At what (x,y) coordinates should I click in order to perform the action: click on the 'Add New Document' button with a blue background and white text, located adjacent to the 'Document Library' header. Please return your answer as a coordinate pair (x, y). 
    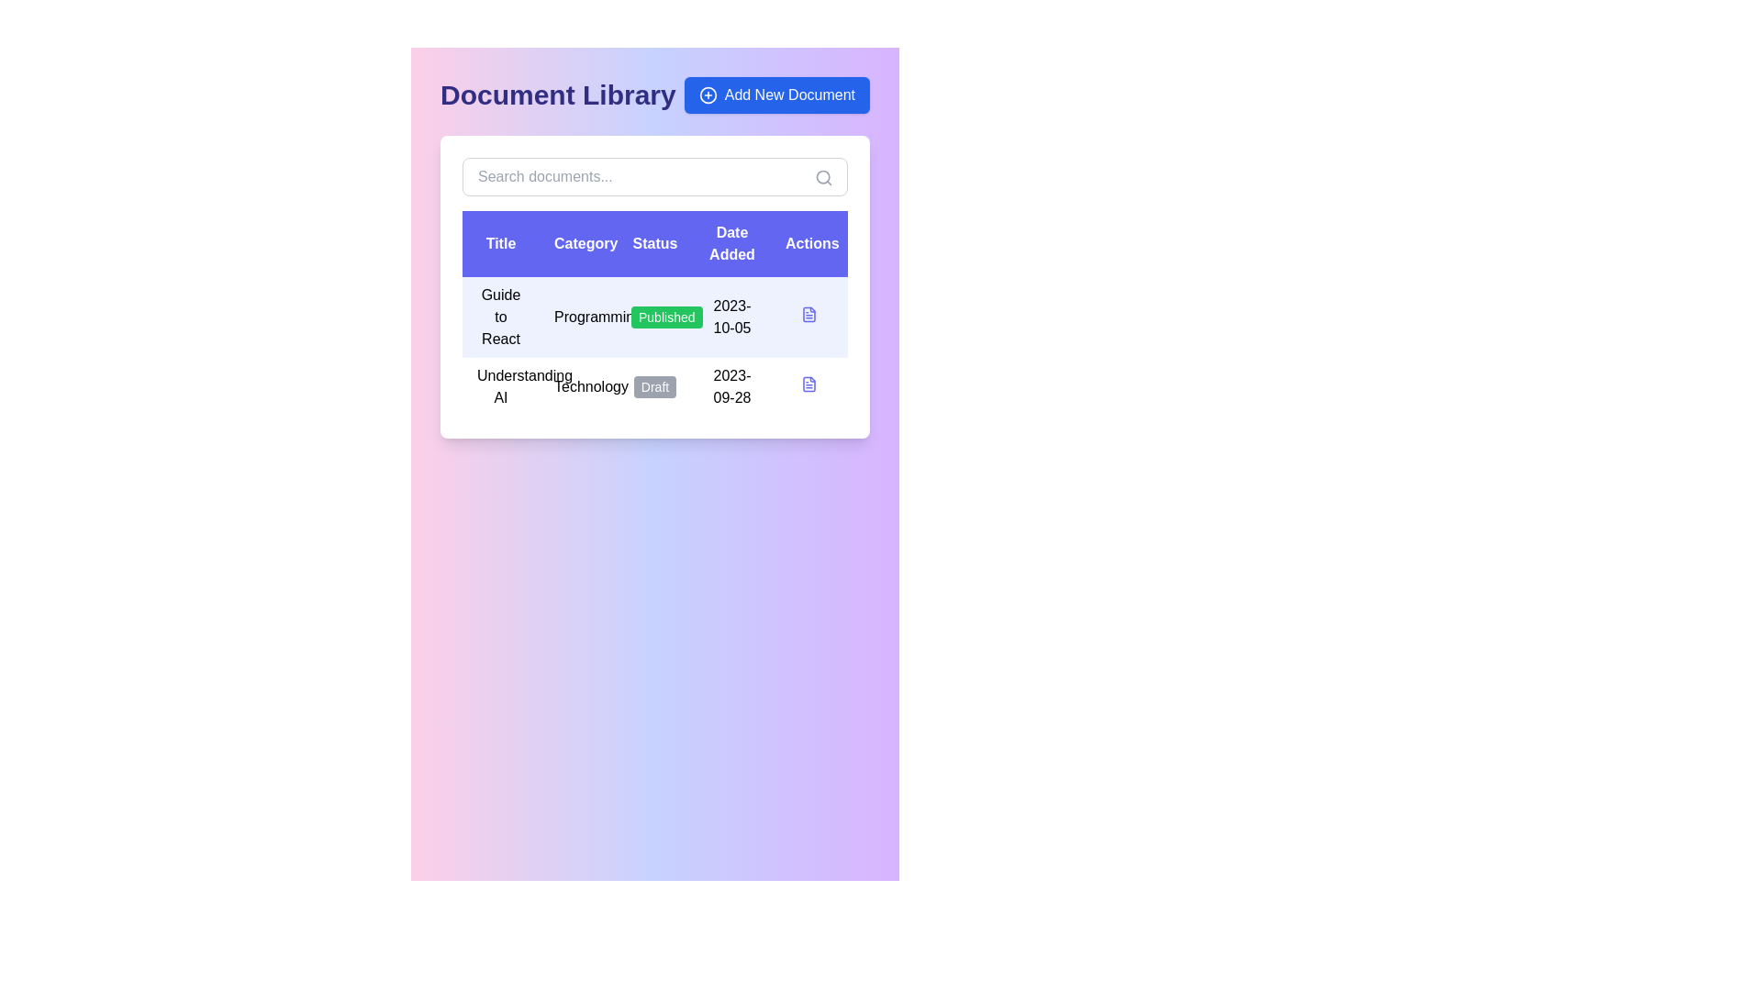
    Looking at the image, I should click on (776, 95).